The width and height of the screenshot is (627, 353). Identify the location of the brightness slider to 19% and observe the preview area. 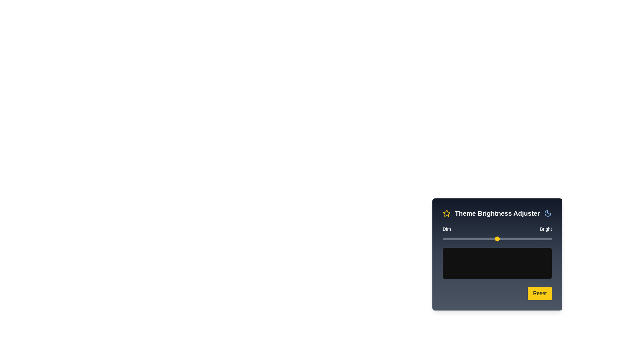
(463, 239).